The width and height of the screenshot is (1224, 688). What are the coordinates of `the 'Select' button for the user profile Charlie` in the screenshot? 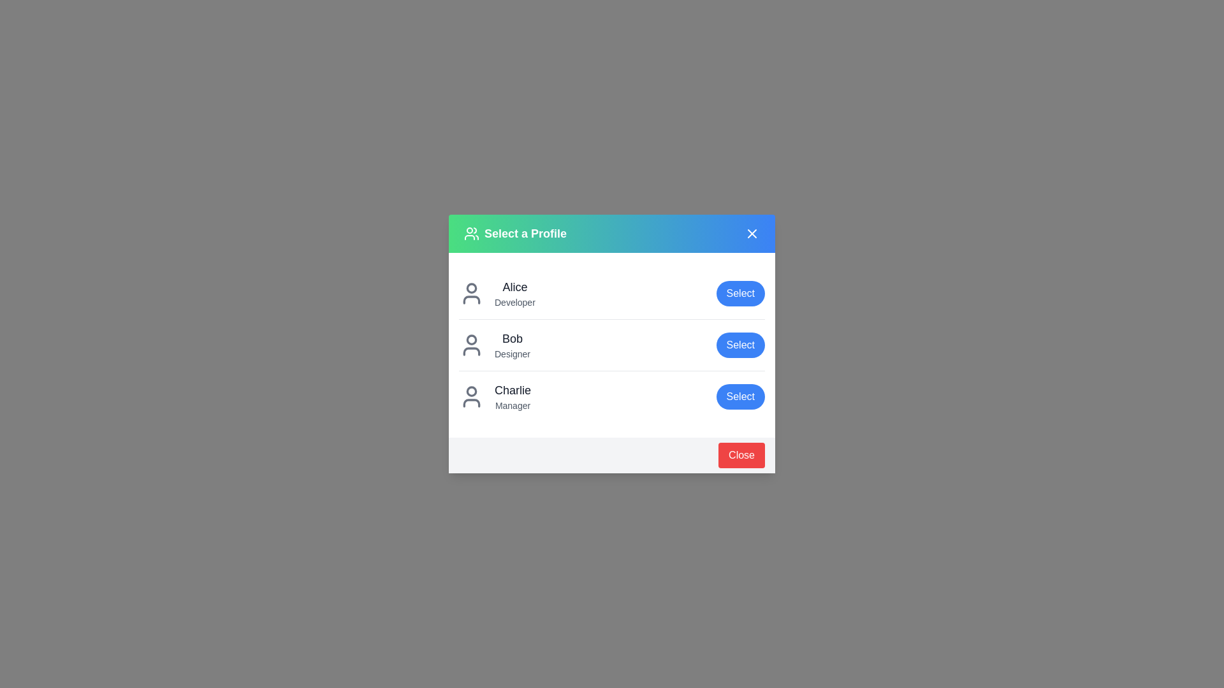 It's located at (740, 396).